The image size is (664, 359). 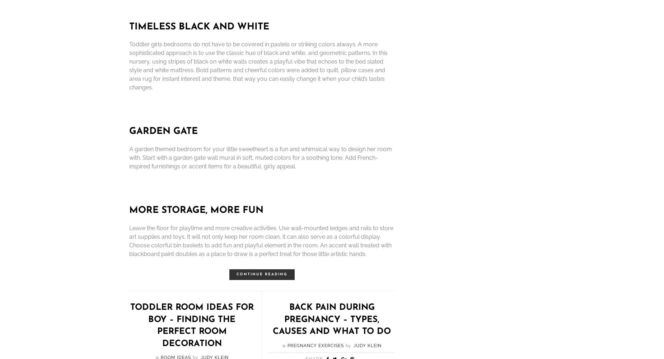 What do you see at coordinates (163, 131) in the screenshot?
I see `'Garden Gate'` at bounding box center [163, 131].